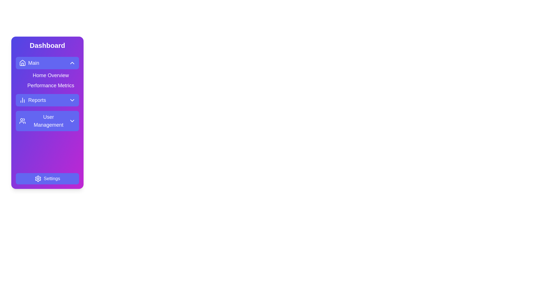  I want to click on the navigation button for the 'Main' section in the sidebar menu, so click(47, 63).